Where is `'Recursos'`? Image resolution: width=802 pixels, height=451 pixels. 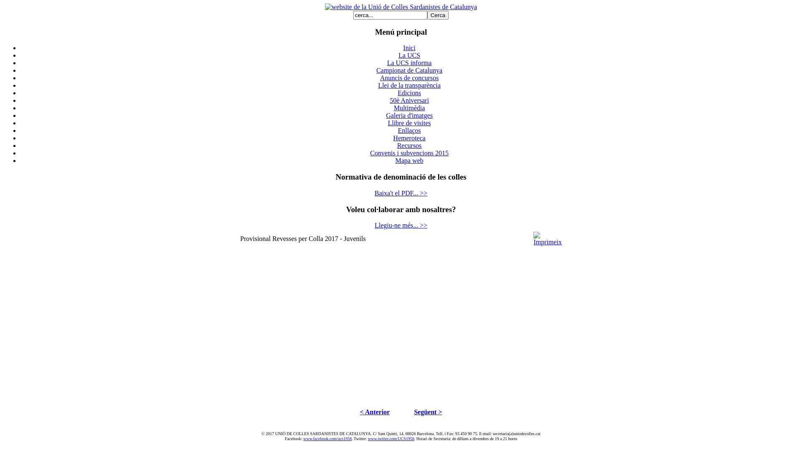
'Recursos' is located at coordinates (409, 145).